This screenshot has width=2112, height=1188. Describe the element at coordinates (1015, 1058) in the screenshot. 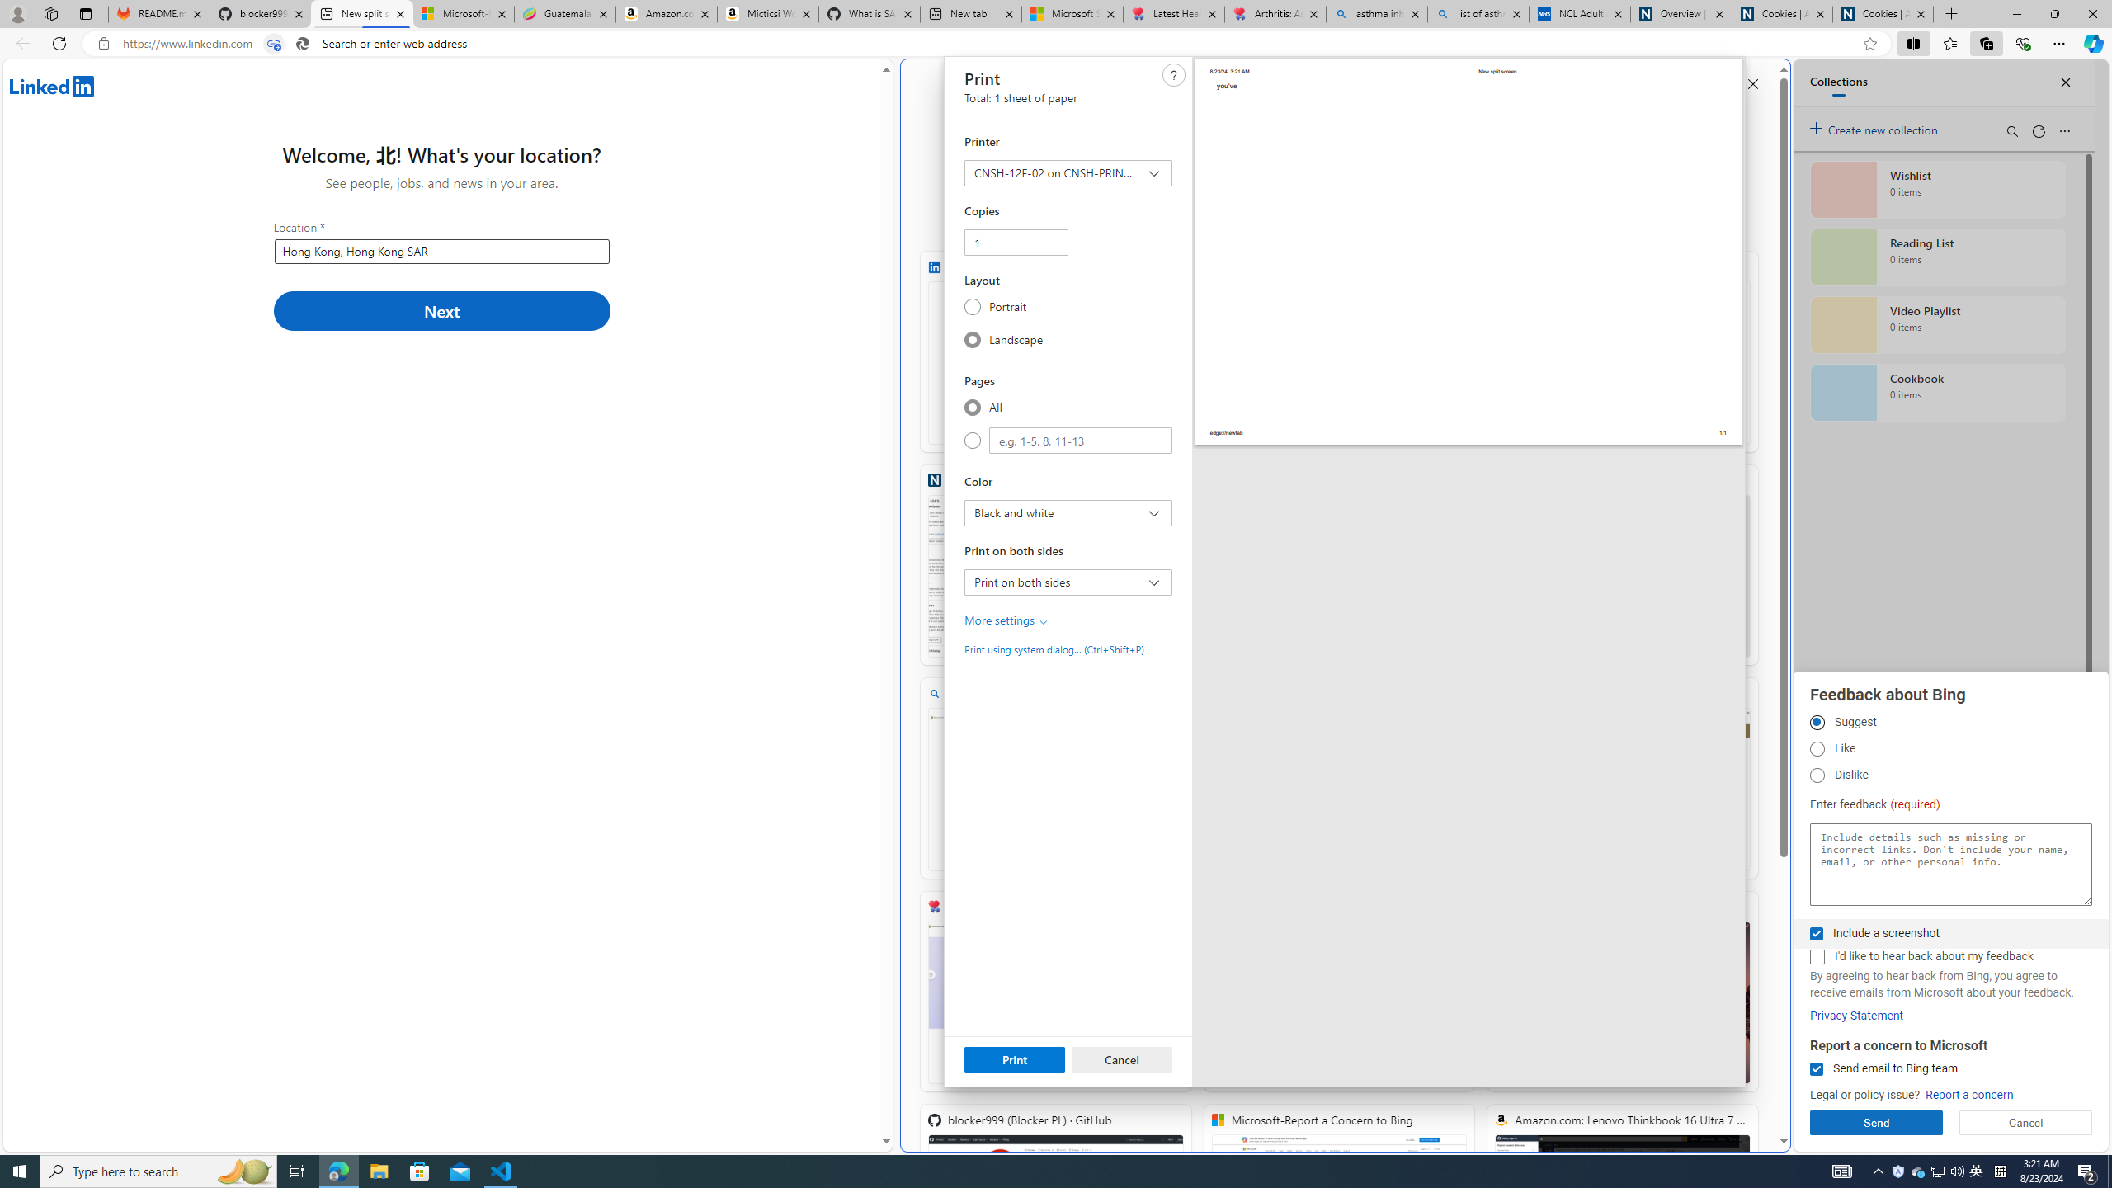

I see `'Print'` at that location.